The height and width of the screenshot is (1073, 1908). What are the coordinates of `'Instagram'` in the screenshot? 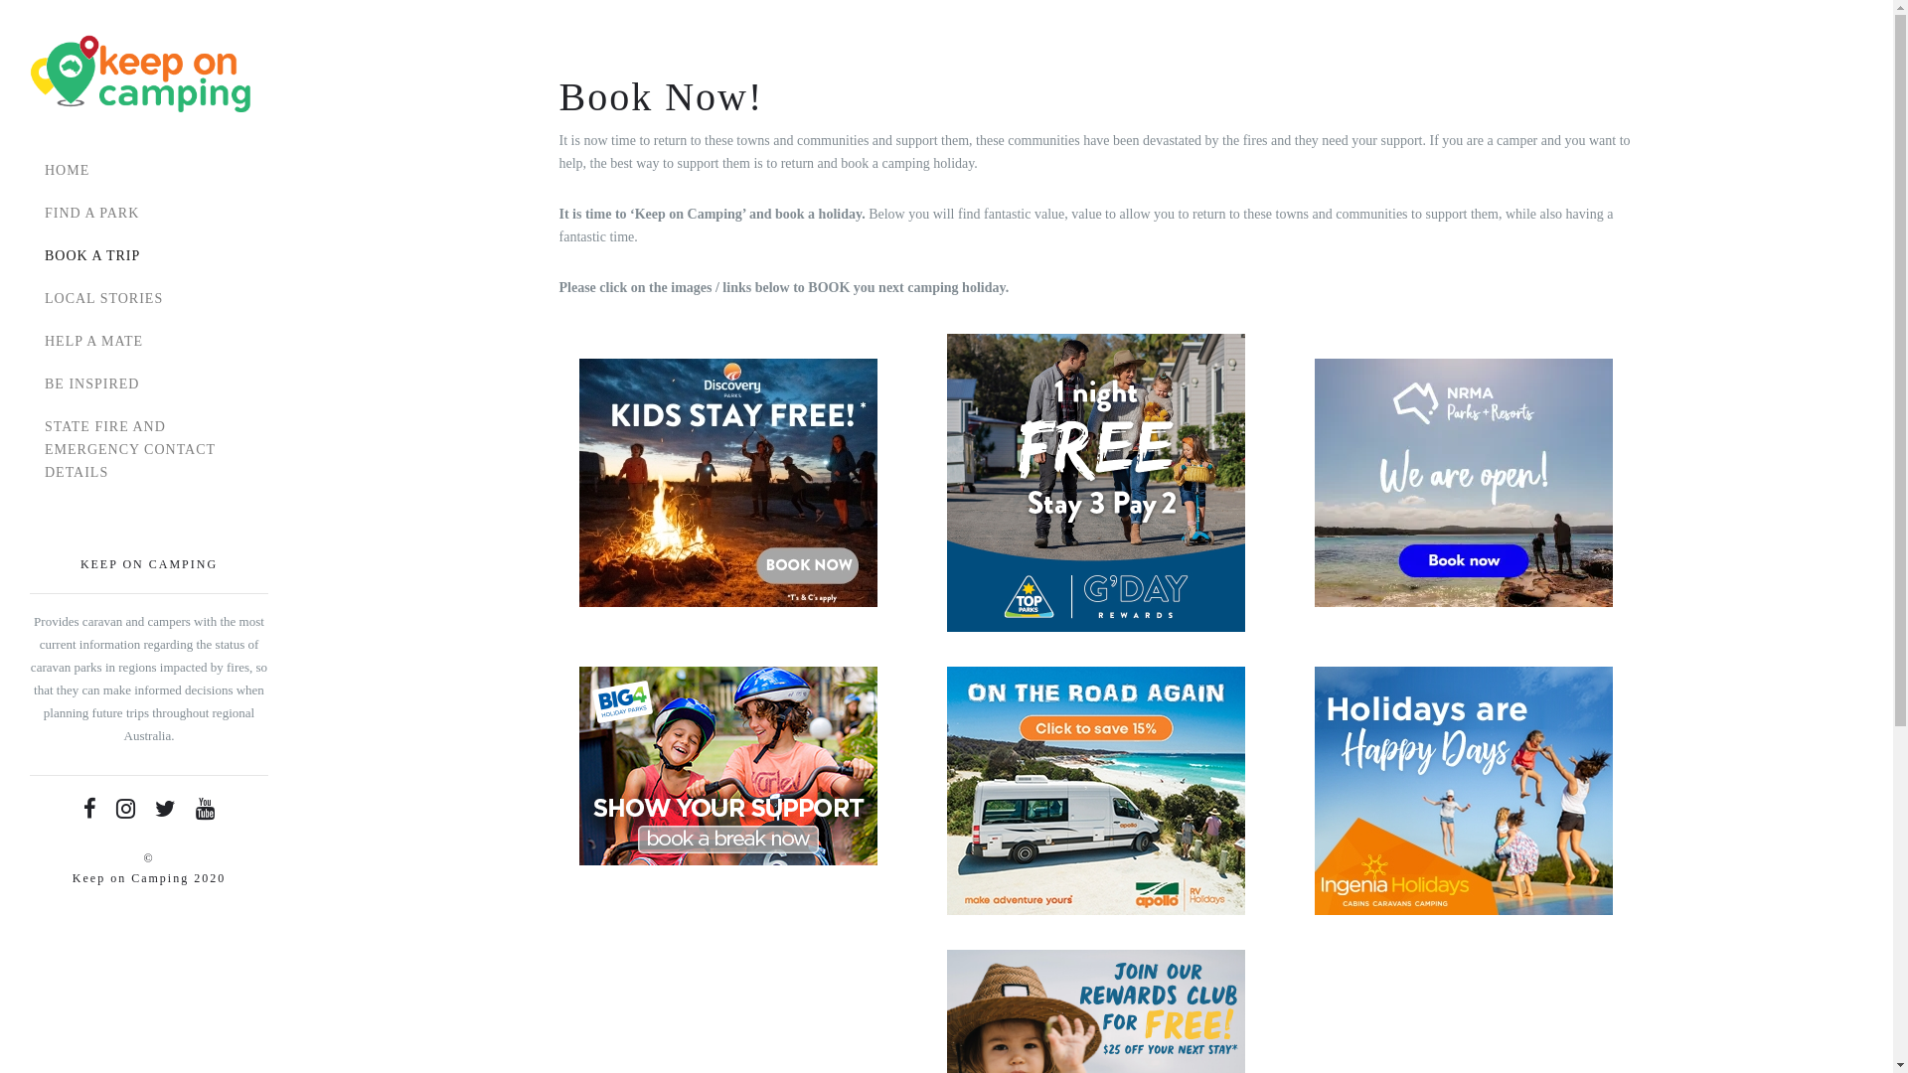 It's located at (123, 809).